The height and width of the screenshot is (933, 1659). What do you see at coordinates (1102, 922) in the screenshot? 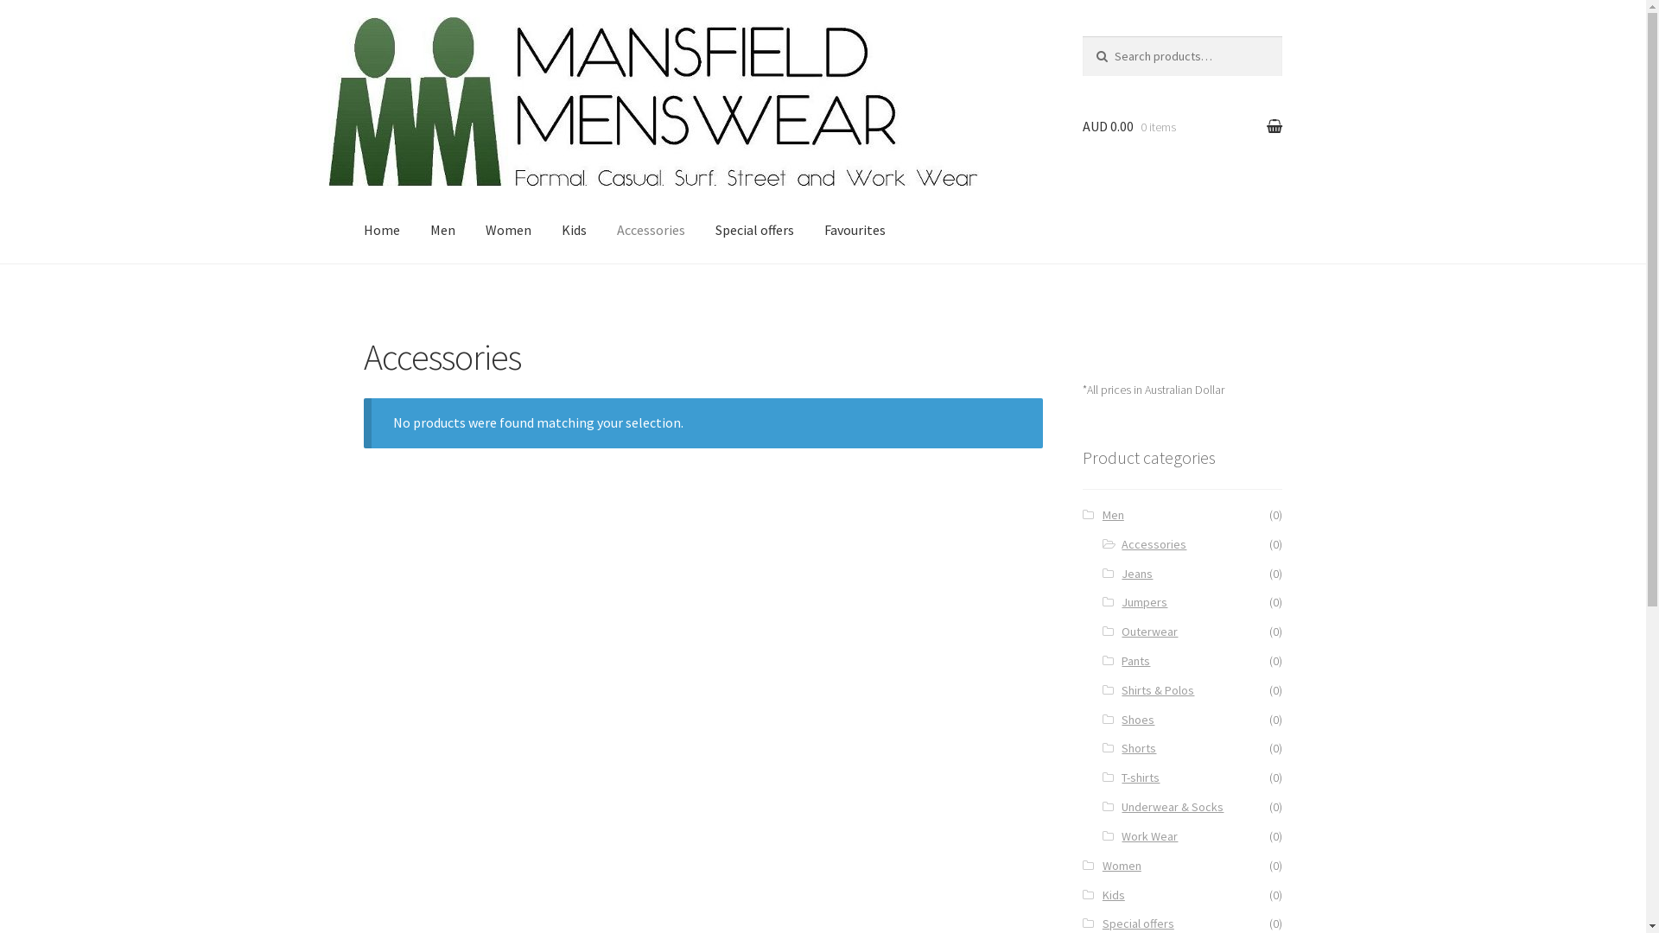
I see `'Special offers'` at bounding box center [1102, 922].